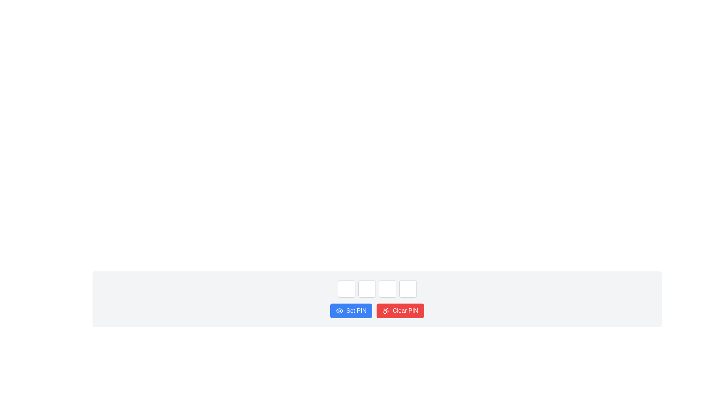 Image resolution: width=702 pixels, height=395 pixels. I want to click on the button that sets a PIN code, located to the left of the red 'Clear PIN' button, to trigger the hover effect, so click(351, 311).